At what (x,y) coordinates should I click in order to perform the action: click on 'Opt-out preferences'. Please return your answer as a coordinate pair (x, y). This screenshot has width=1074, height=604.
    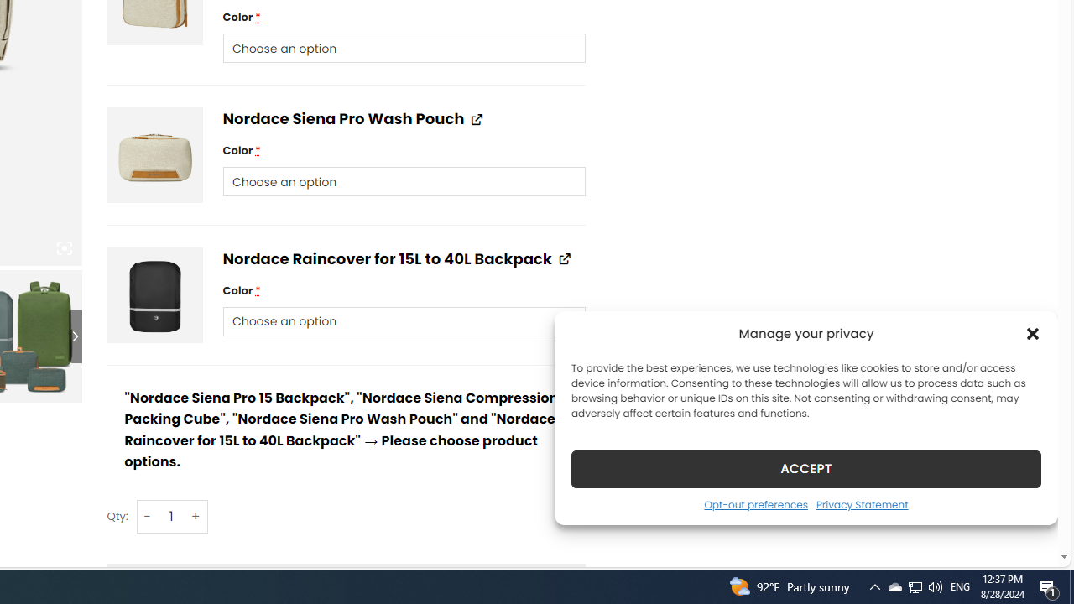
    Looking at the image, I should click on (754, 503).